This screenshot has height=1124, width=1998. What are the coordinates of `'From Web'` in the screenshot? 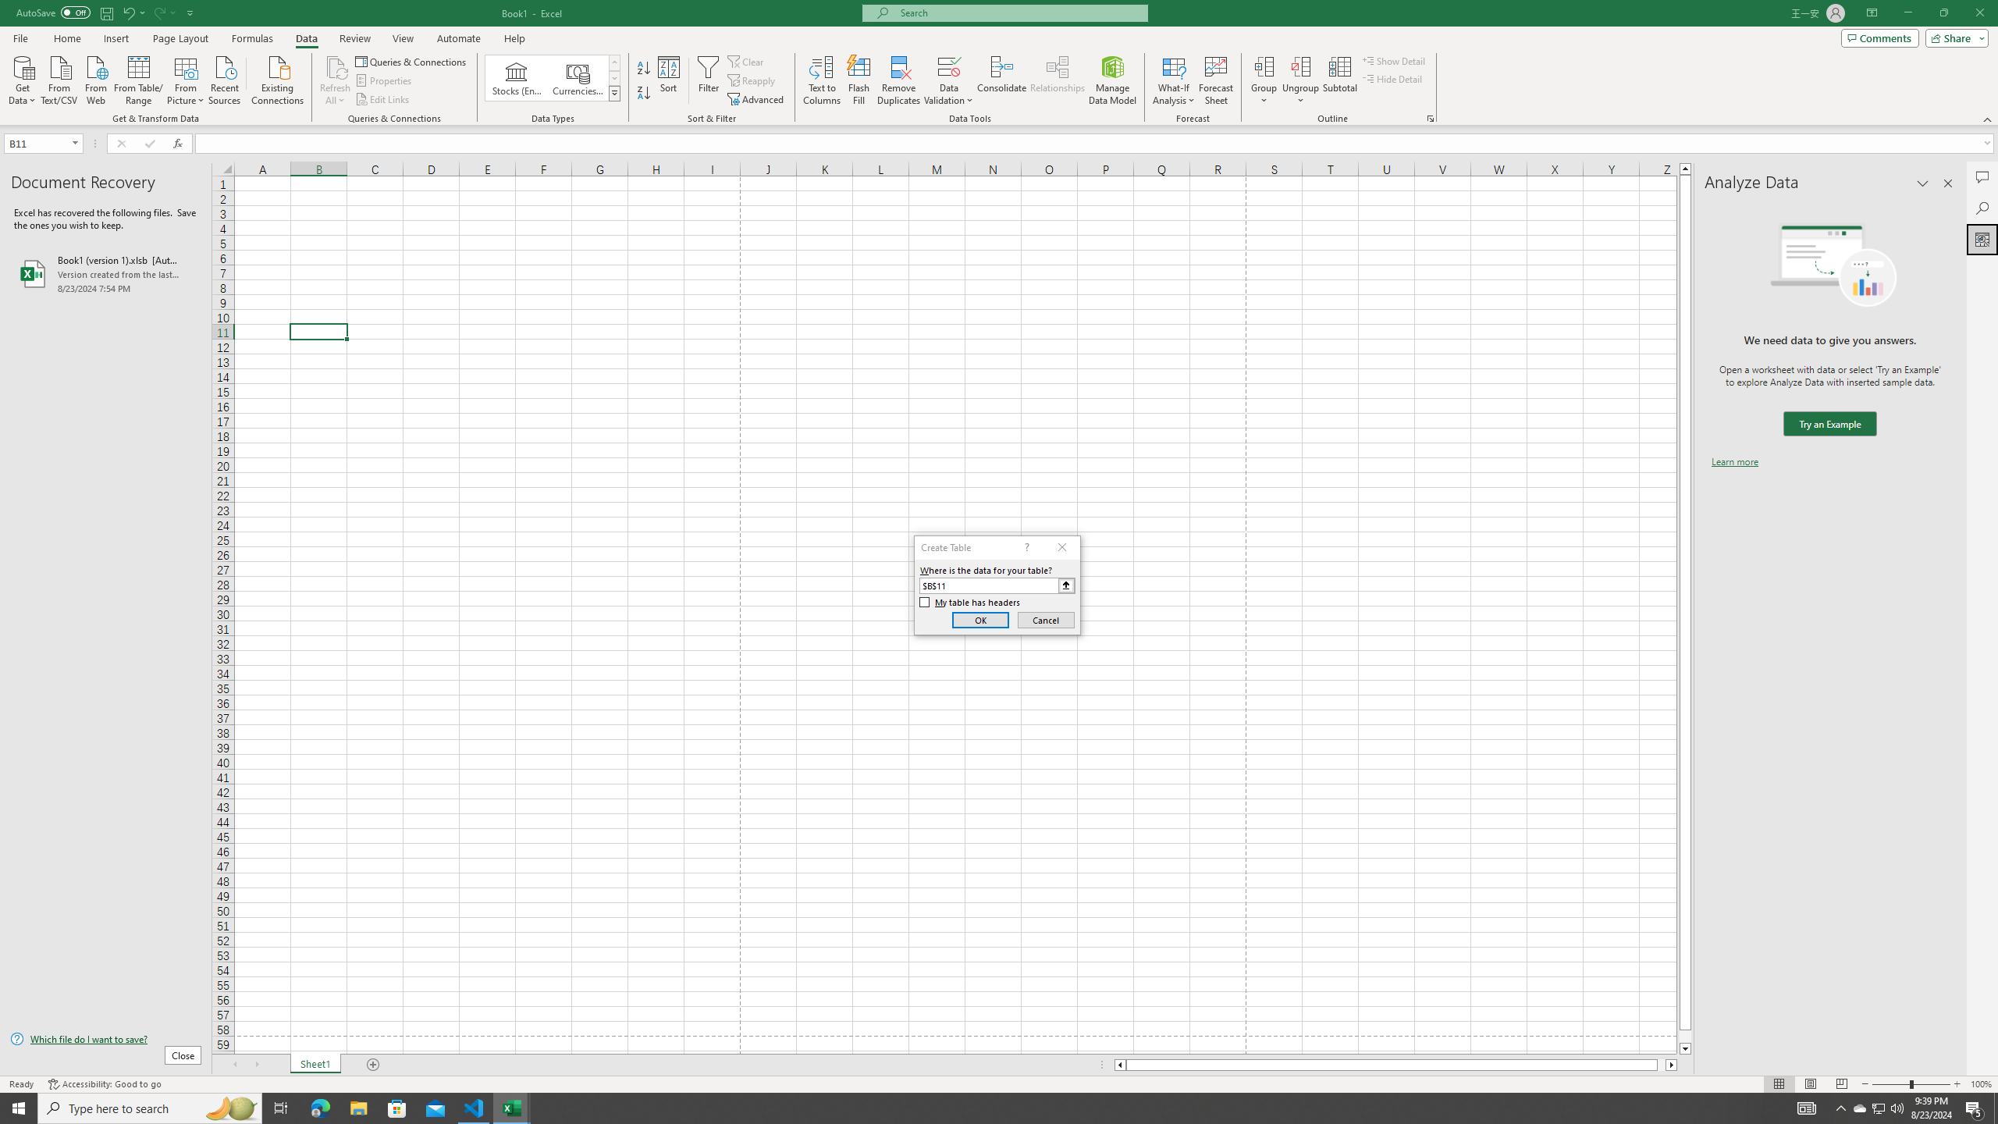 It's located at (95, 78).